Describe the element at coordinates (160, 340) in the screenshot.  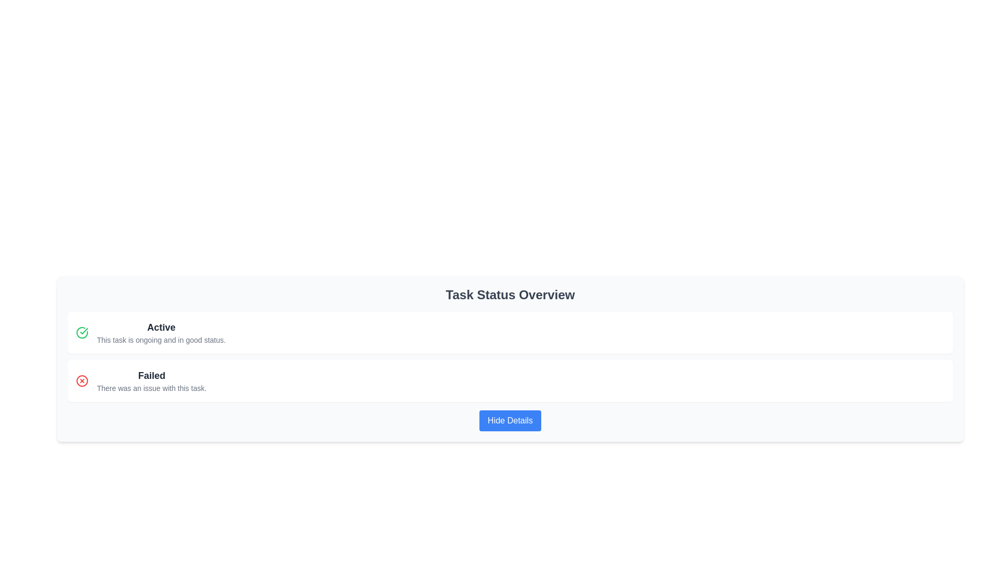
I see `text from the label displaying 'This task is ongoing and in good status.' which is styled in a smaller gray font and located below the bold label 'Active' within the 'Task Status Overview' section` at that location.